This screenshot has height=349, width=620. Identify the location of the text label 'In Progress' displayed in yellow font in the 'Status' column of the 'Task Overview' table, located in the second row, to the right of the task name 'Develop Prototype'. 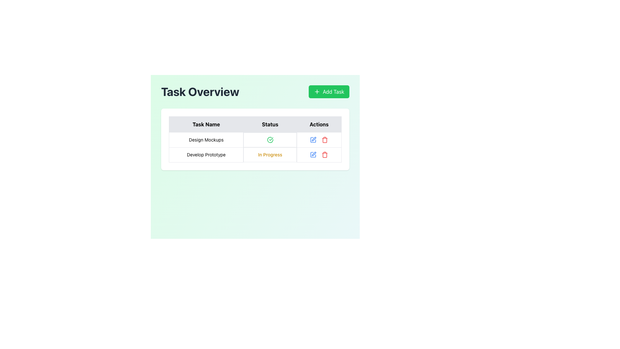
(270, 154).